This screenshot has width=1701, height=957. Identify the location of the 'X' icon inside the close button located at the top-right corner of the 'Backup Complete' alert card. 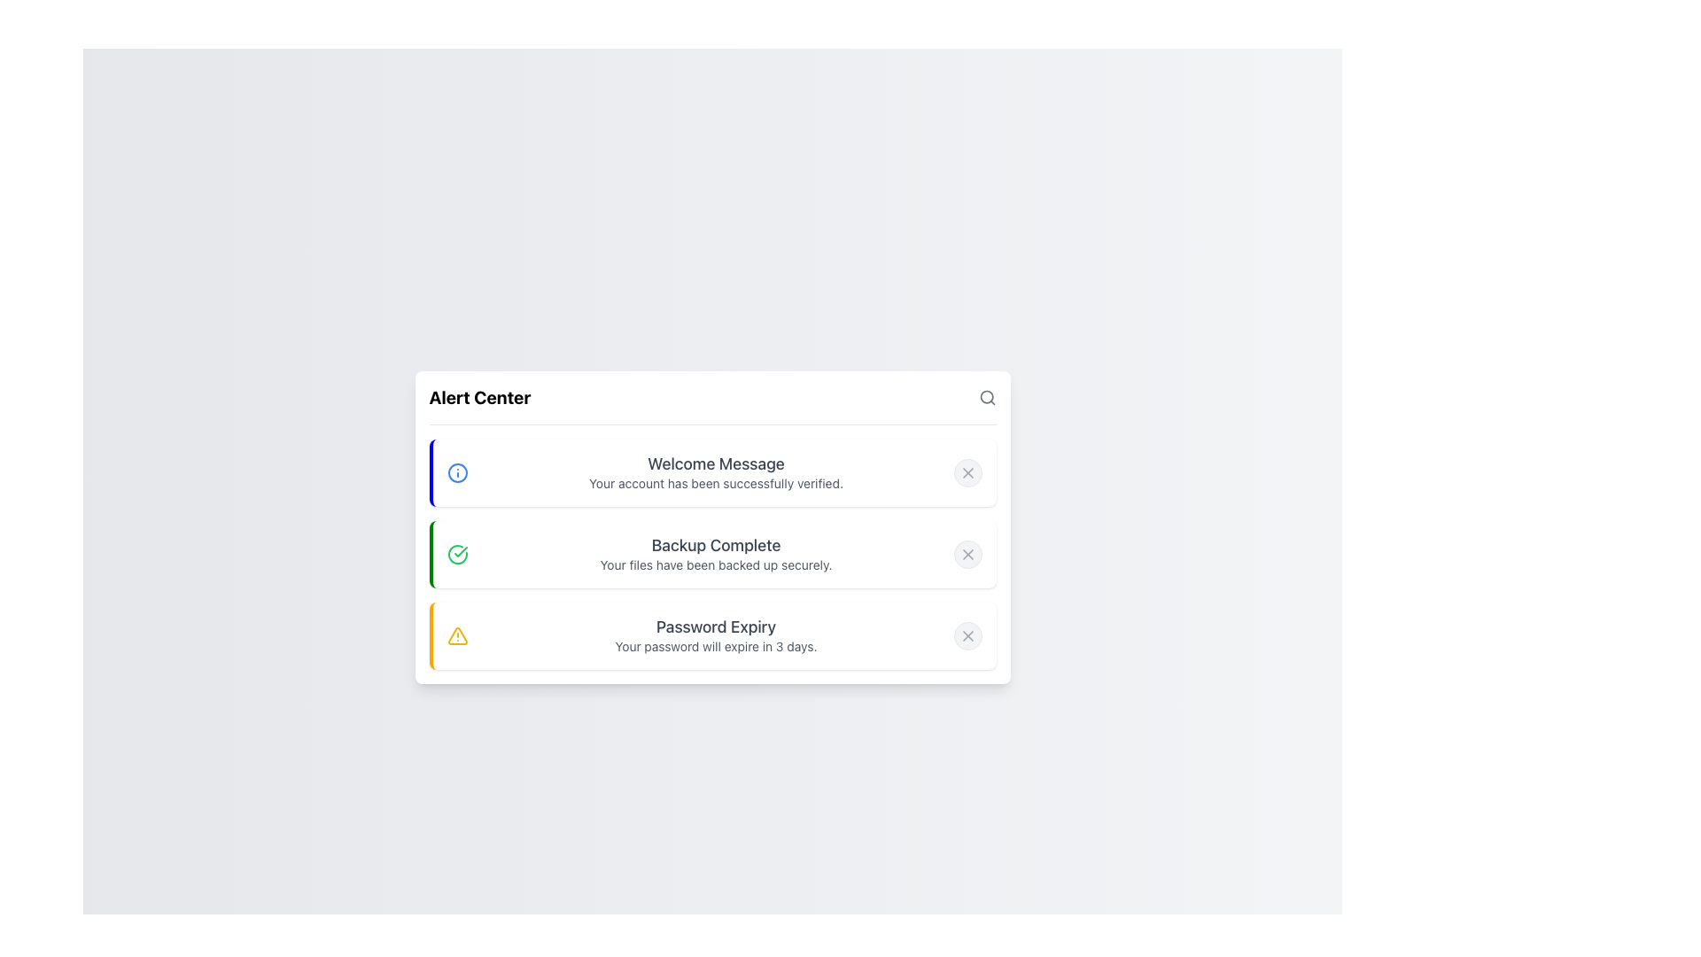
(967, 553).